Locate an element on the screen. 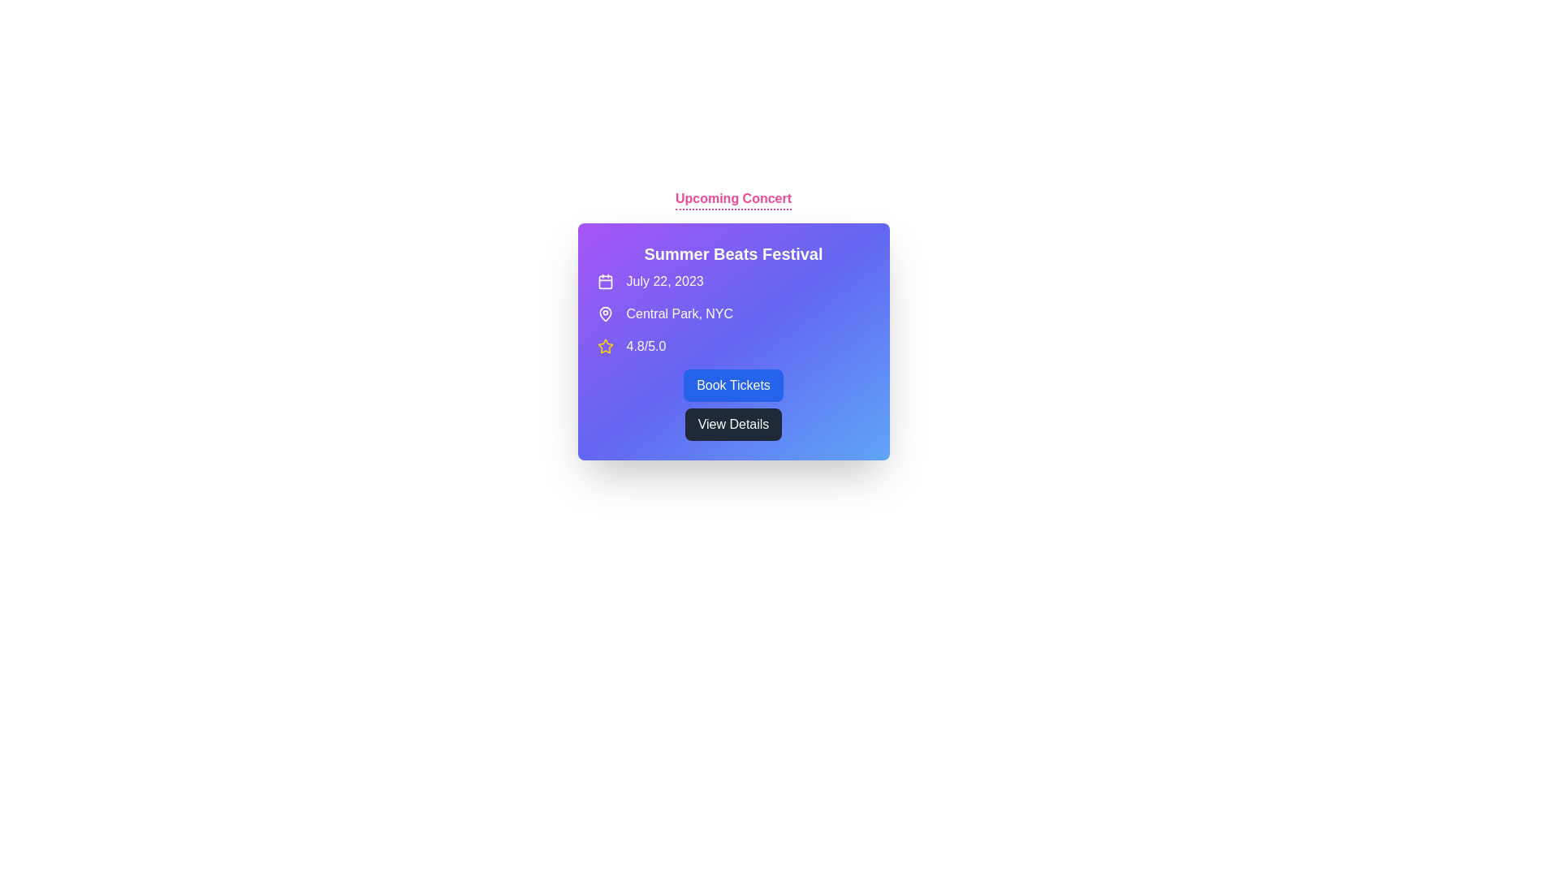 The height and width of the screenshot is (877, 1559). the calendar icon, which is a square-shaped symbol with rounded corners located to the left of the text 'July 22, 2023' in the 'Upcoming Concert' card section is located at coordinates (604, 281).